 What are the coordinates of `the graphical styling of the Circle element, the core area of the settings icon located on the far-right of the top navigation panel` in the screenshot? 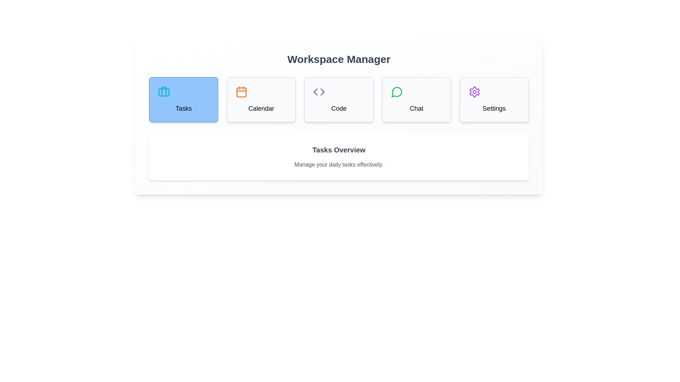 It's located at (474, 91).